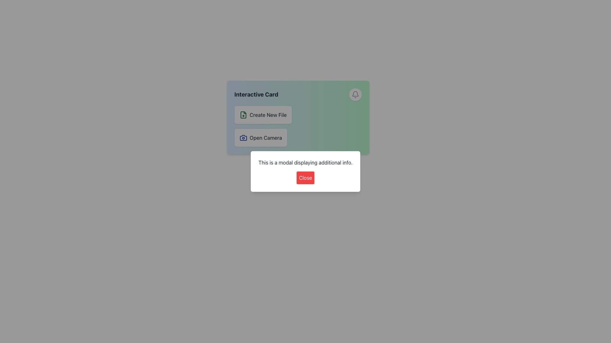  Describe the element at coordinates (243, 115) in the screenshot. I see `the icon that resembles a document with a '+' symbol, located within the 'Create New File' button at the top of the card layout` at that location.